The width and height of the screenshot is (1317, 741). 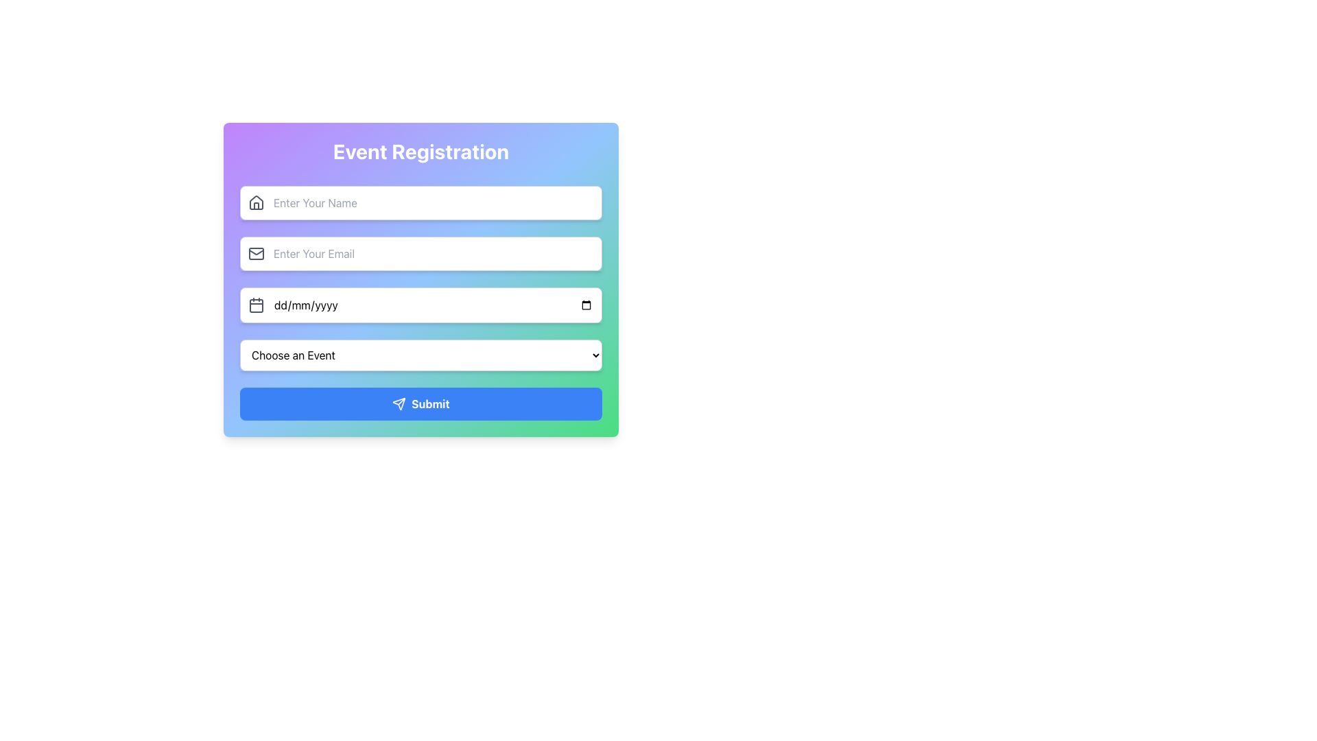 I want to click on the Date Input Field, which is the third input field in the form, located between the email input field and the event selection dropdown, to focus on it, so click(x=420, y=304).